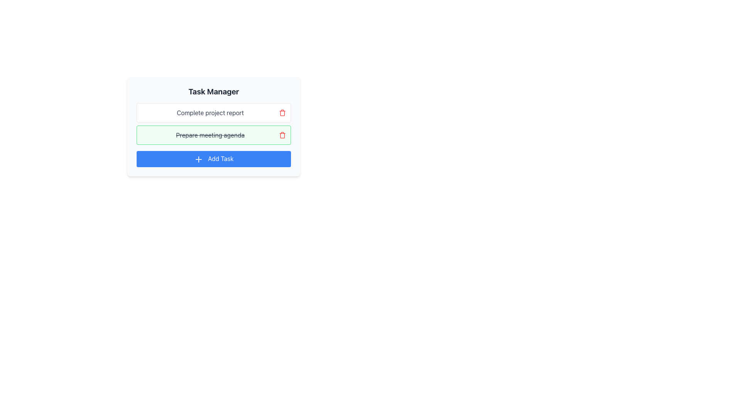 This screenshot has height=416, width=741. Describe the element at coordinates (213, 158) in the screenshot. I see `keyboard navigation` at that location.